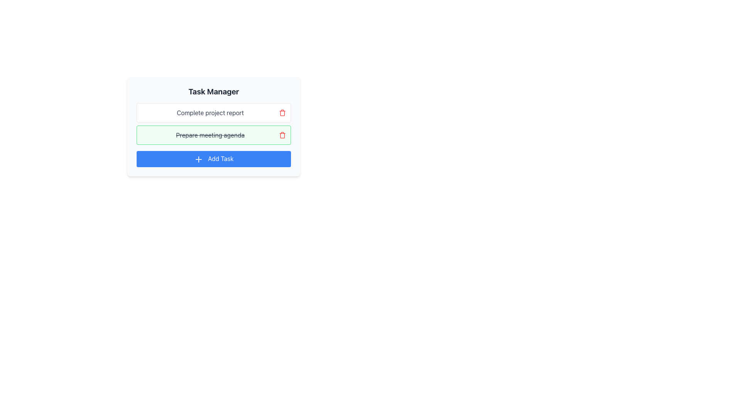 This screenshot has height=416, width=741. Describe the element at coordinates (213, 158) in the screenshot. I see `keyboard navigation` at that location.